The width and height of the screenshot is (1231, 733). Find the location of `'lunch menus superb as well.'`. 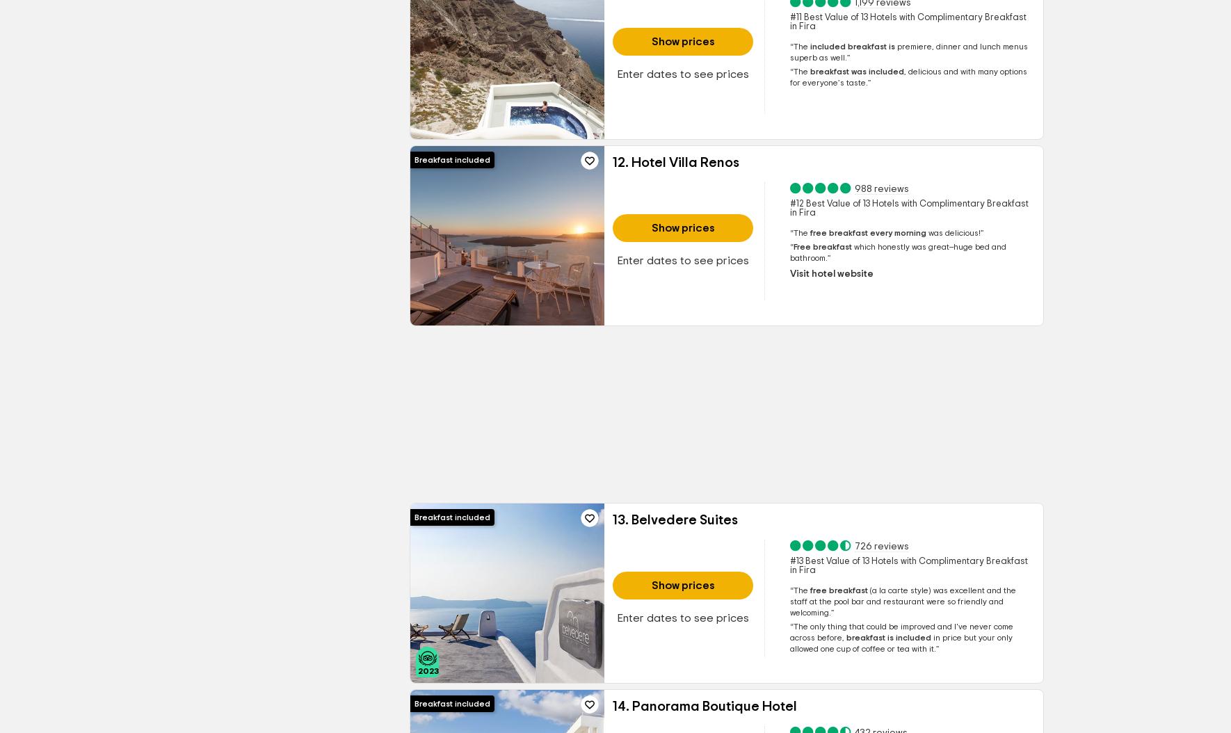

'lunch menus superb as well.' is located at coordinates (908, 51).